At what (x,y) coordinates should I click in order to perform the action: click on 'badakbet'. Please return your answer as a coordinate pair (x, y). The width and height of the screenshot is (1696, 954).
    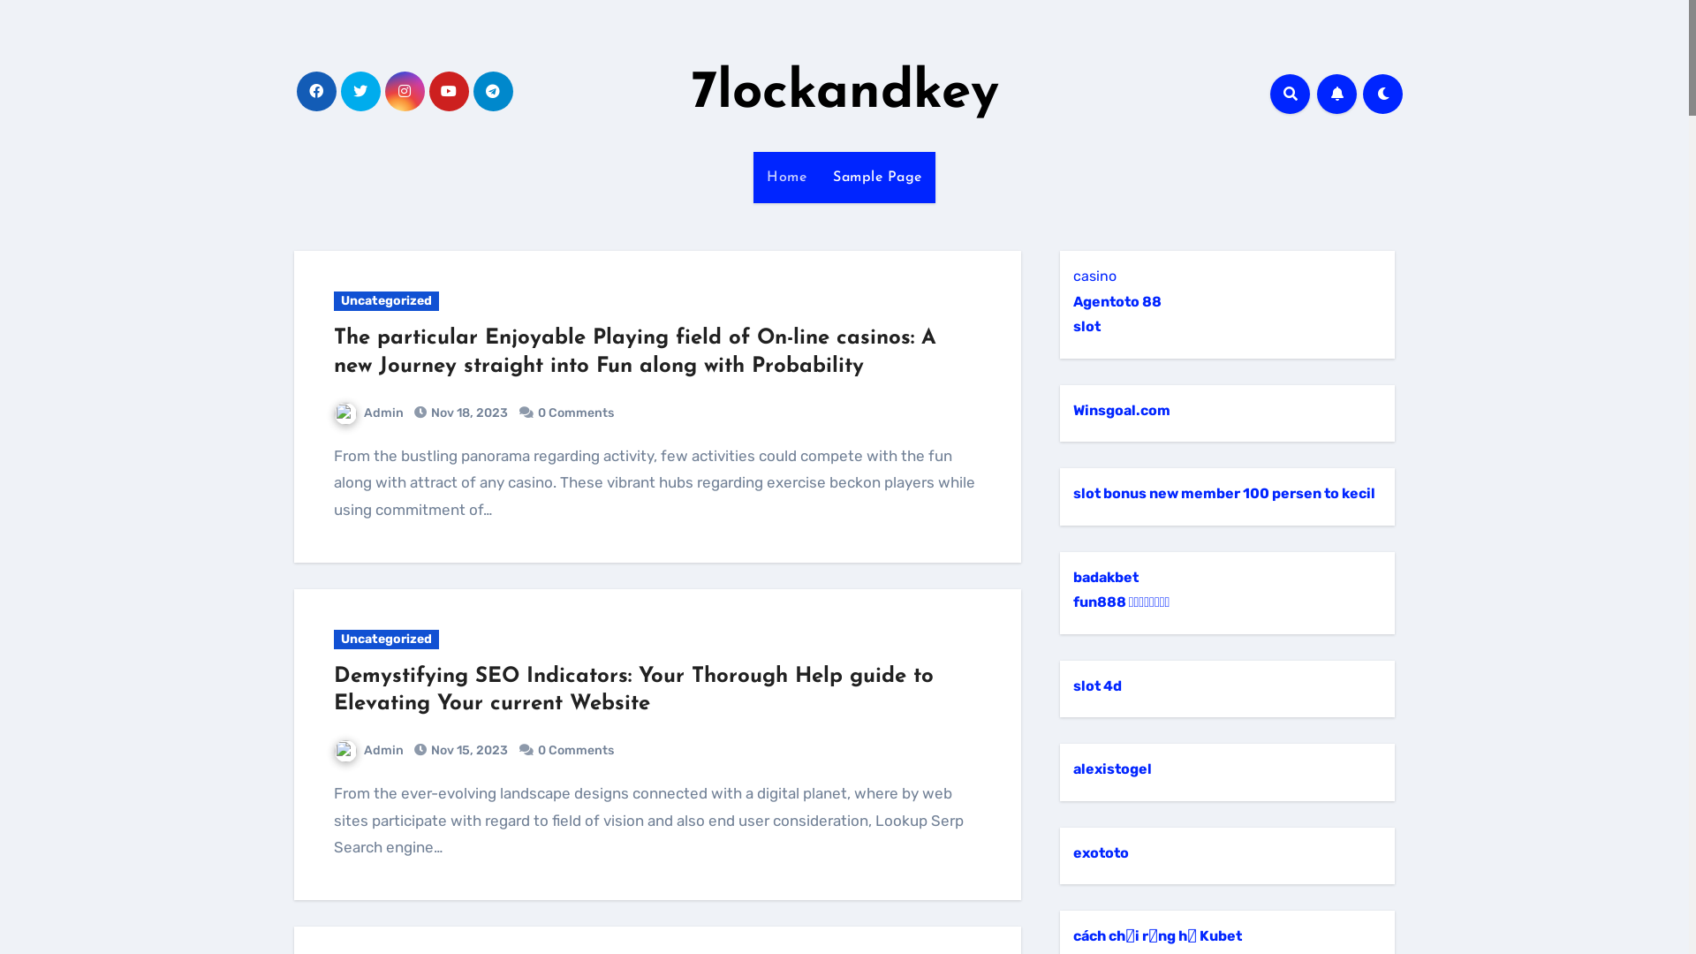
    Looking at the image, I should click on (1105, 577).